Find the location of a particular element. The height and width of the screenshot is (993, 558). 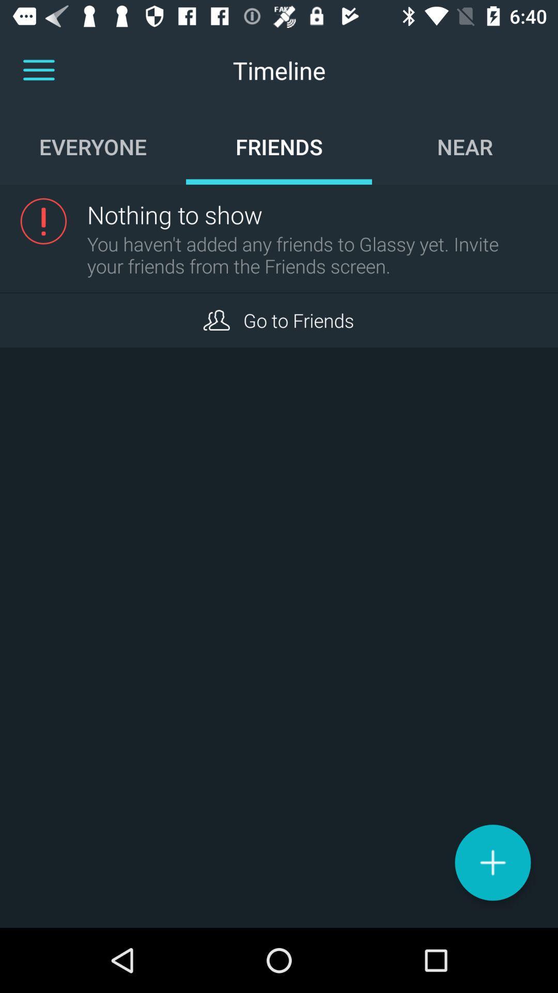

the add icon is located at coordinates (492, 862).